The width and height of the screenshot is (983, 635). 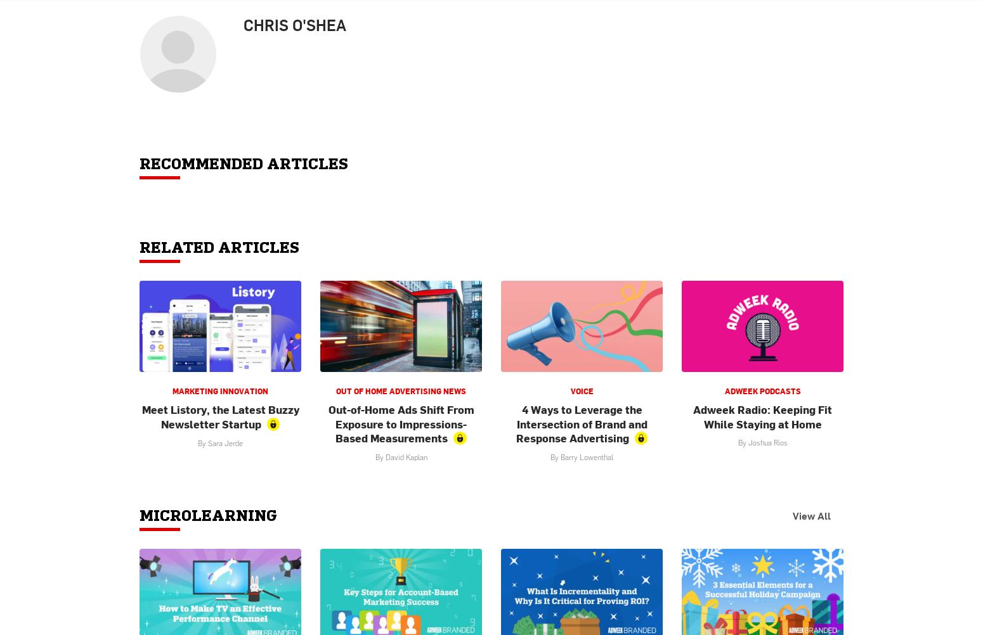 What do you see at coordinates (514, 423) in the screenshot?
I see `'4 Ways to Leverage the Intersection of Brand and Response Advertising'` at bounding box center [514, 423].